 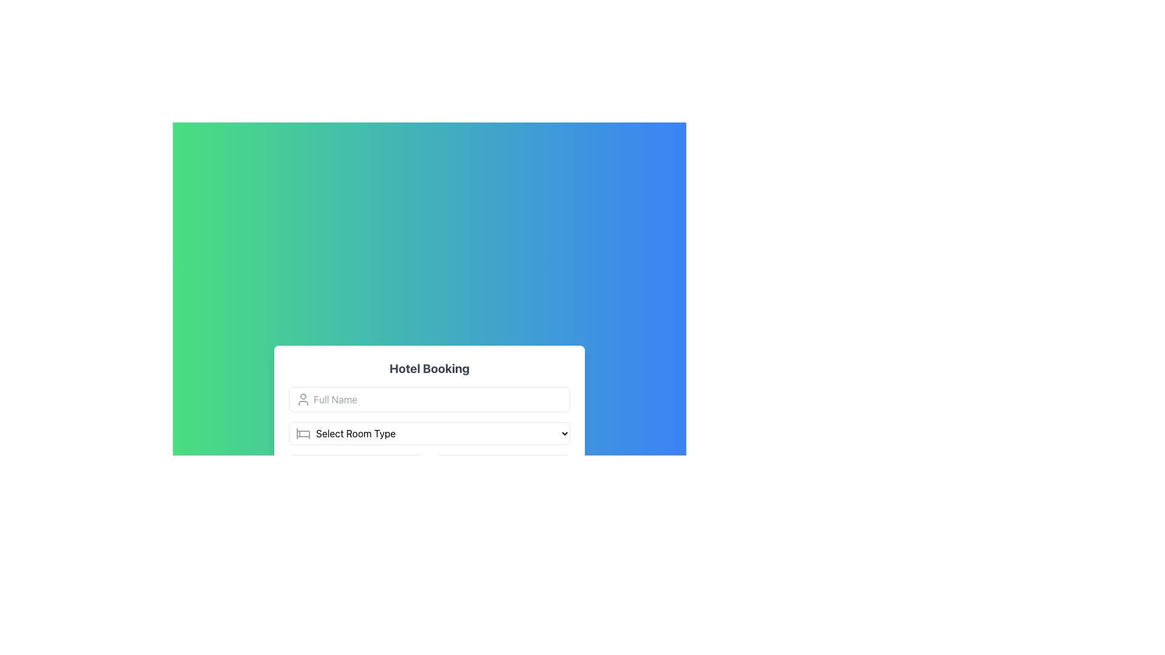 What do you see at coordinates (430, 368) in the screenshot?
I see `the bold, large-sized text label displaying 'Hotel Booking' at the top of the form interface` at bounding box center [430, 368].